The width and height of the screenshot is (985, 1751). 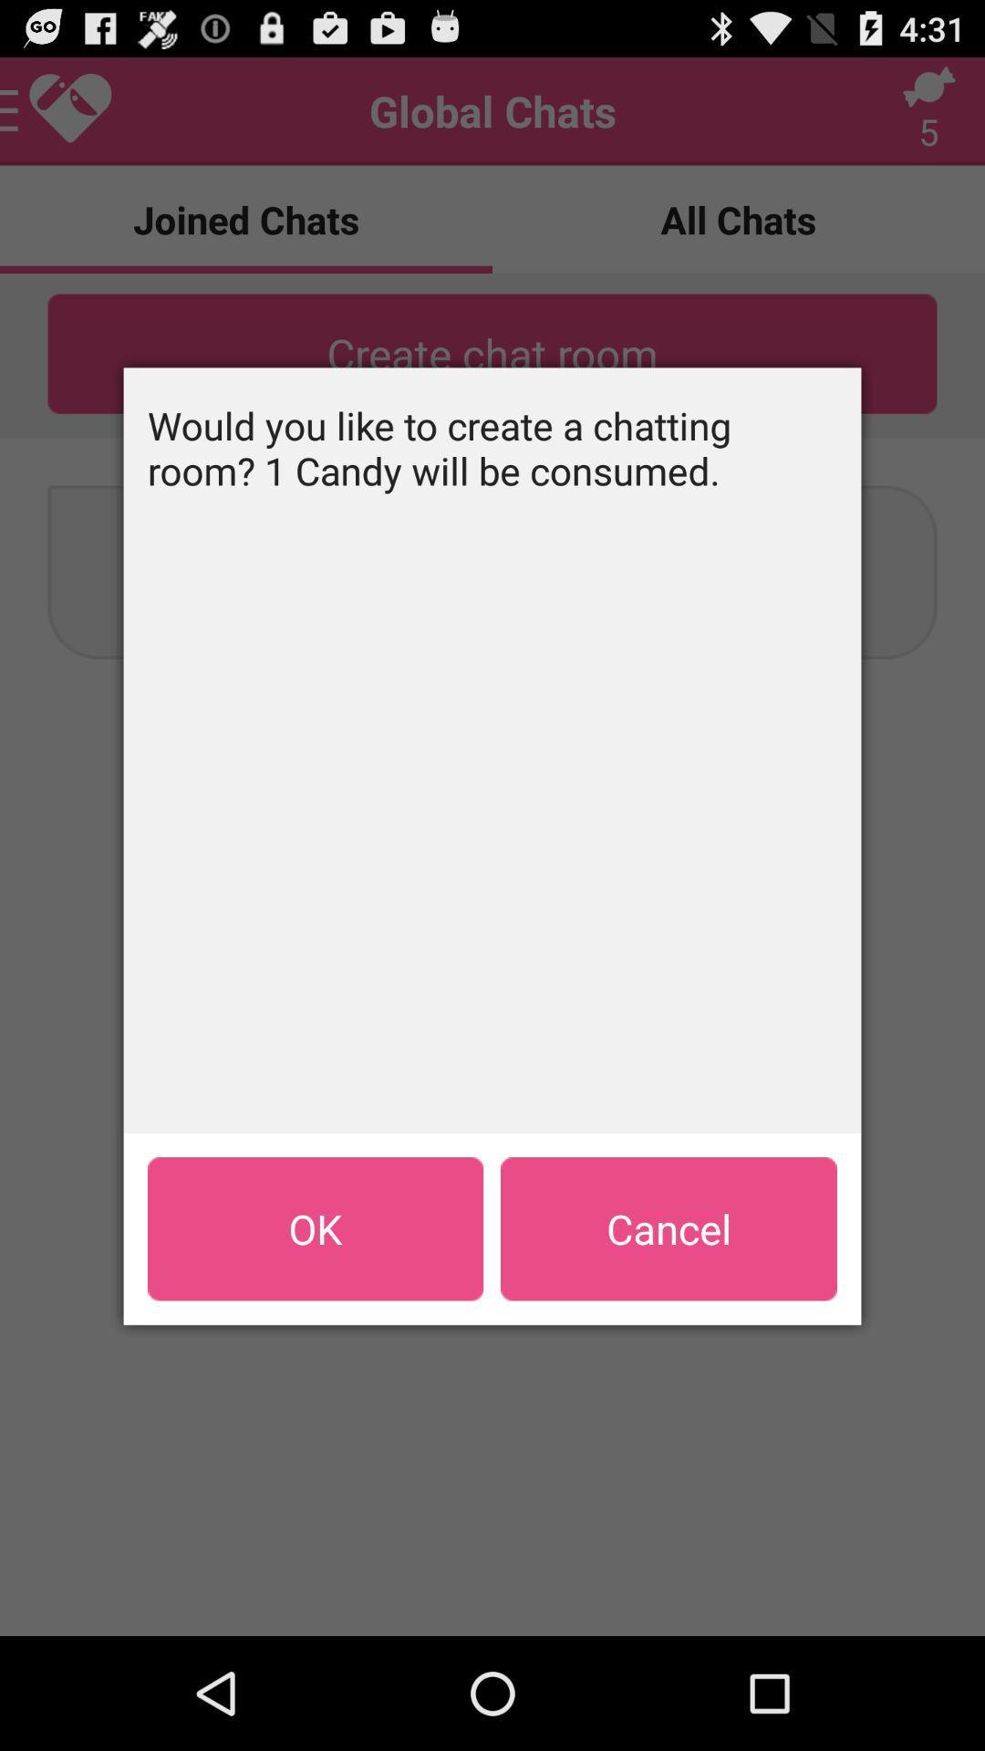 What do you see at coordinates (315, 1228) in the screenshot?
I see `item at the bottom left corner` at bounding box center [315, 1228].